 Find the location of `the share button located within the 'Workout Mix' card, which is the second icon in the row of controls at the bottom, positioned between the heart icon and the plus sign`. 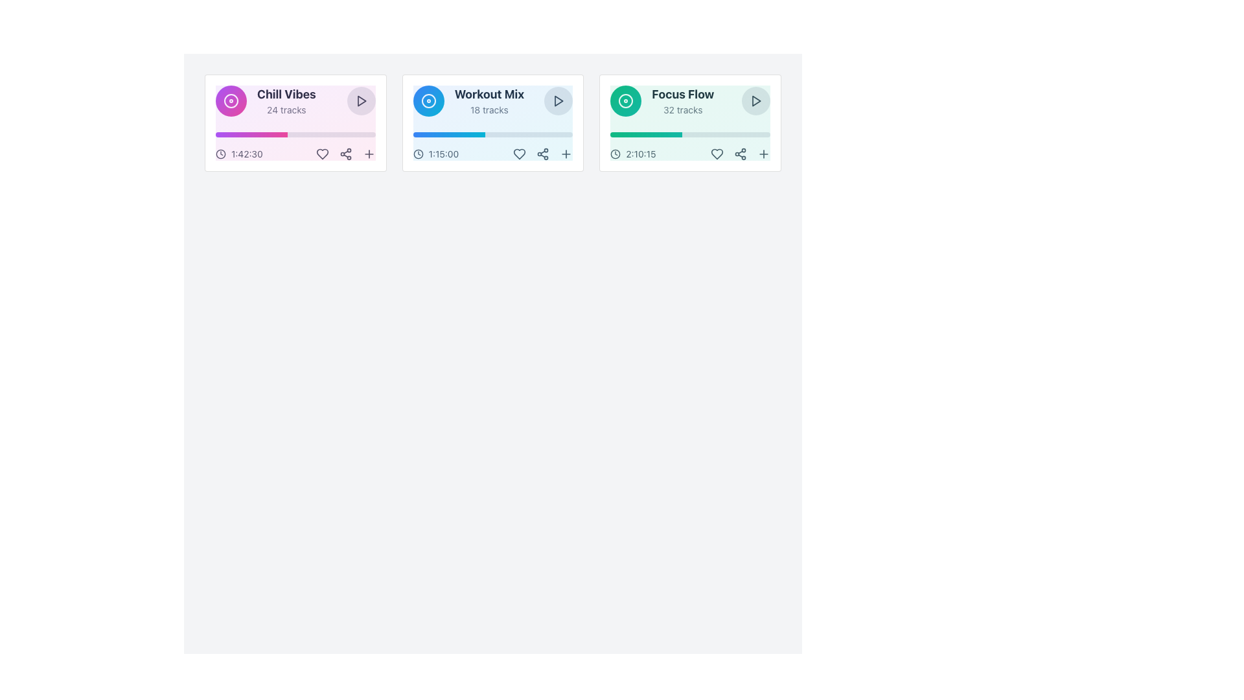

the share button located within the 'Workout Mix' card, which is the second icon in the row of controls at the bottom, positioned between the heart icon and the plus sign is located at coordinates (543, 154).